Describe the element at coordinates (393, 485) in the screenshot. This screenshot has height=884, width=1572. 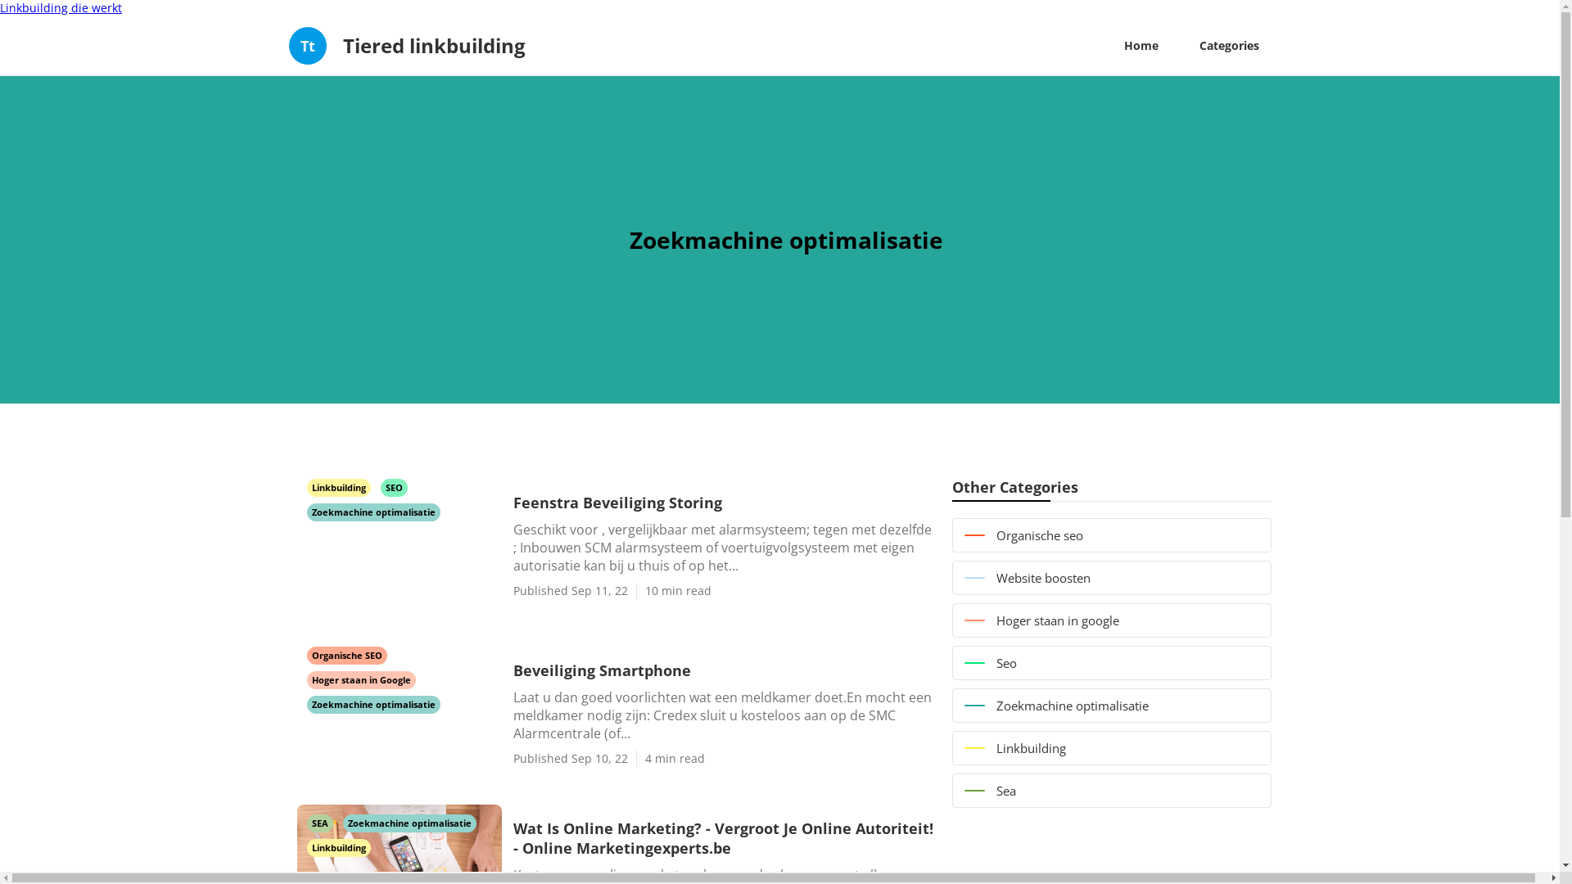
I see `'SEO'` at that location.